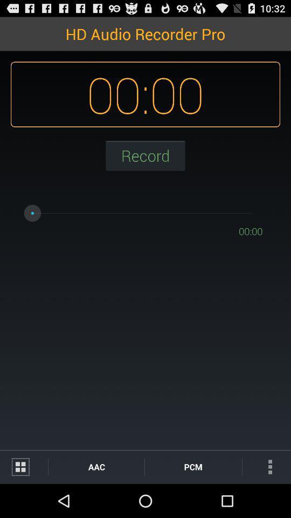  I want to click on the icon below the 00:00, so click(145, 155).